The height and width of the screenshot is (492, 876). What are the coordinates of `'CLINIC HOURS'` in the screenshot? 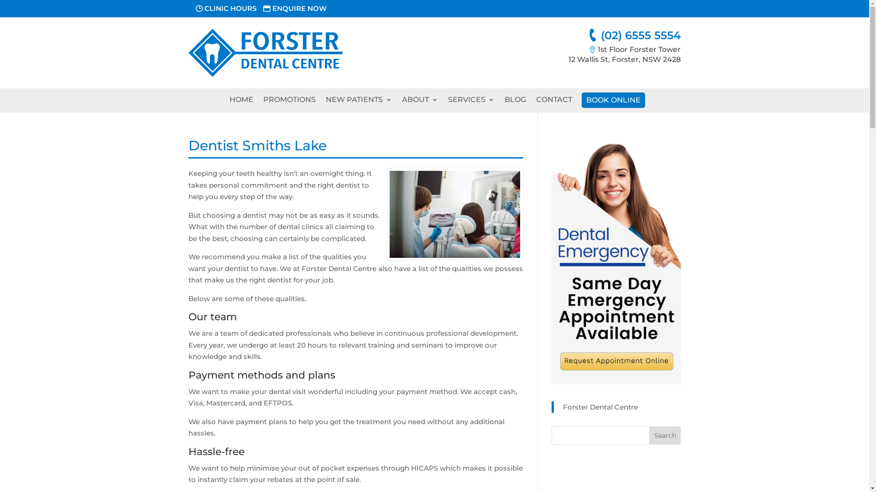 It's located at (225, 8).